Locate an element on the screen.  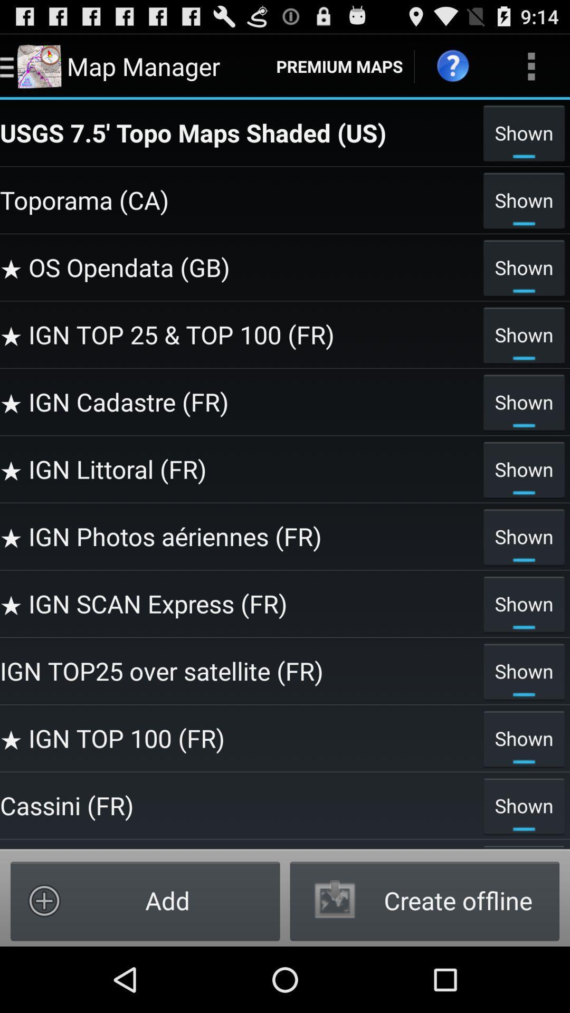
the ign scan express is located at coordinates (239, 604).